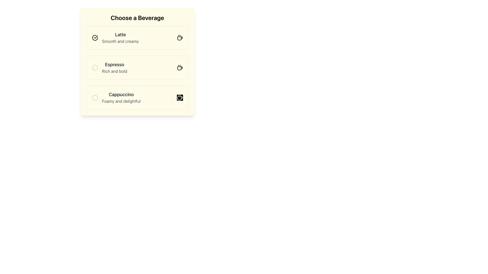 This screenshot has height=274, width=488. I want to click on the 'Espresso' beverage option in the 'Choose a Beverage' section, so click(137, 67).